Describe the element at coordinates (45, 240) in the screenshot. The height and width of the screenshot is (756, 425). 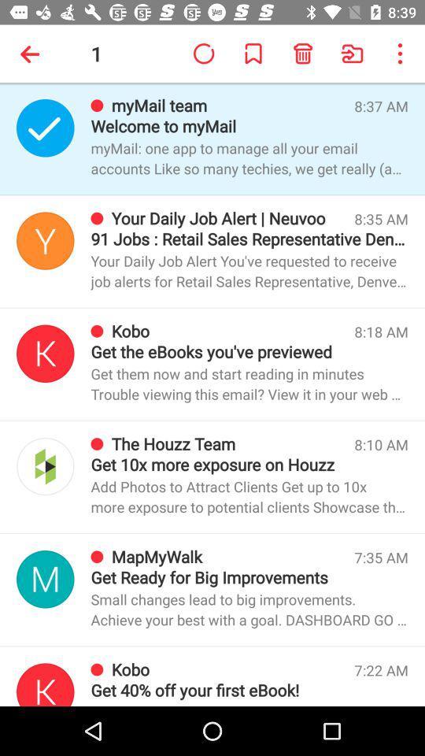
I see `the mail` at that location.